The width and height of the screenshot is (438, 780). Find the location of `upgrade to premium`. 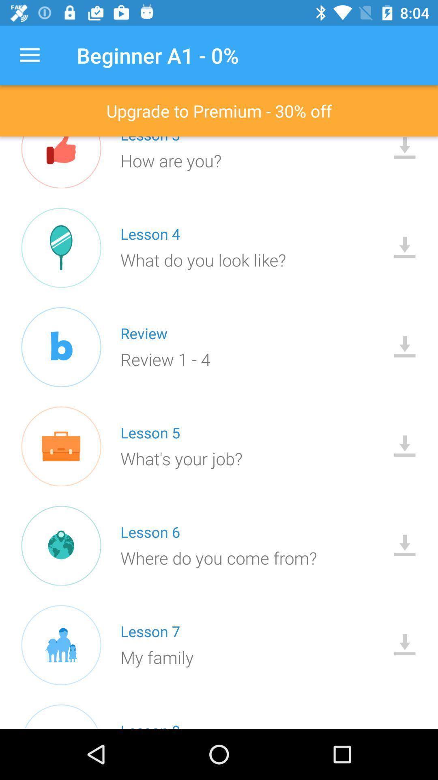

upgrade to premium is located at coordinates (219, 110).